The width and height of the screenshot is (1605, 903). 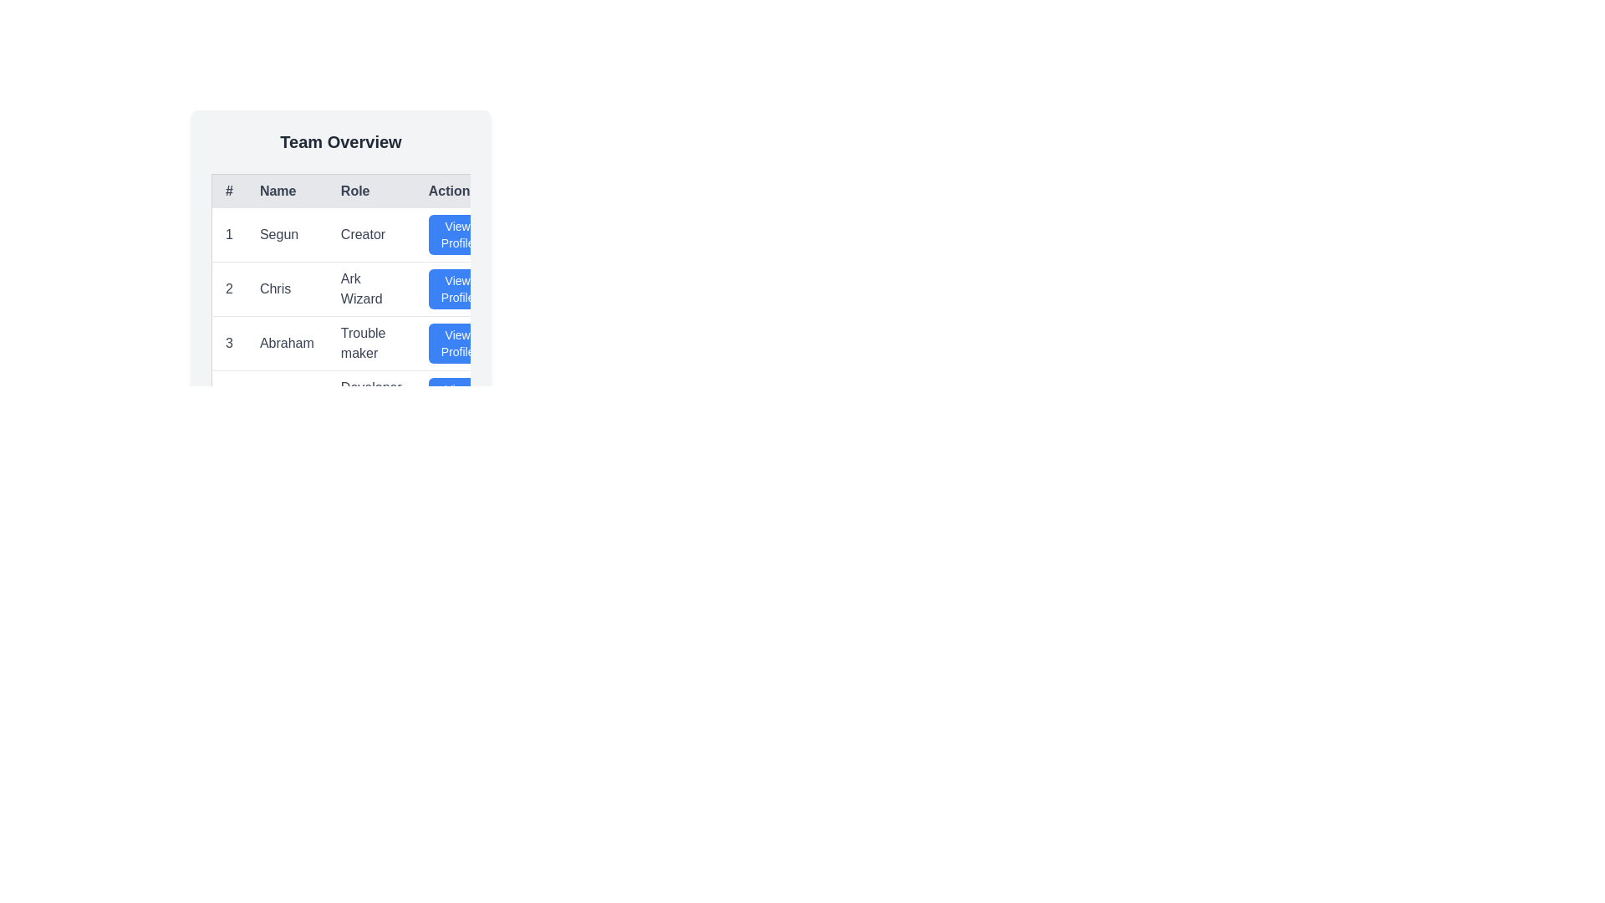 I want to click on the Text Label that identifies the first entry in the table, positioned in the first column and first row, above the '2' entry and aligned to the left of the 'Segun' text, so click(x=228, y=235).